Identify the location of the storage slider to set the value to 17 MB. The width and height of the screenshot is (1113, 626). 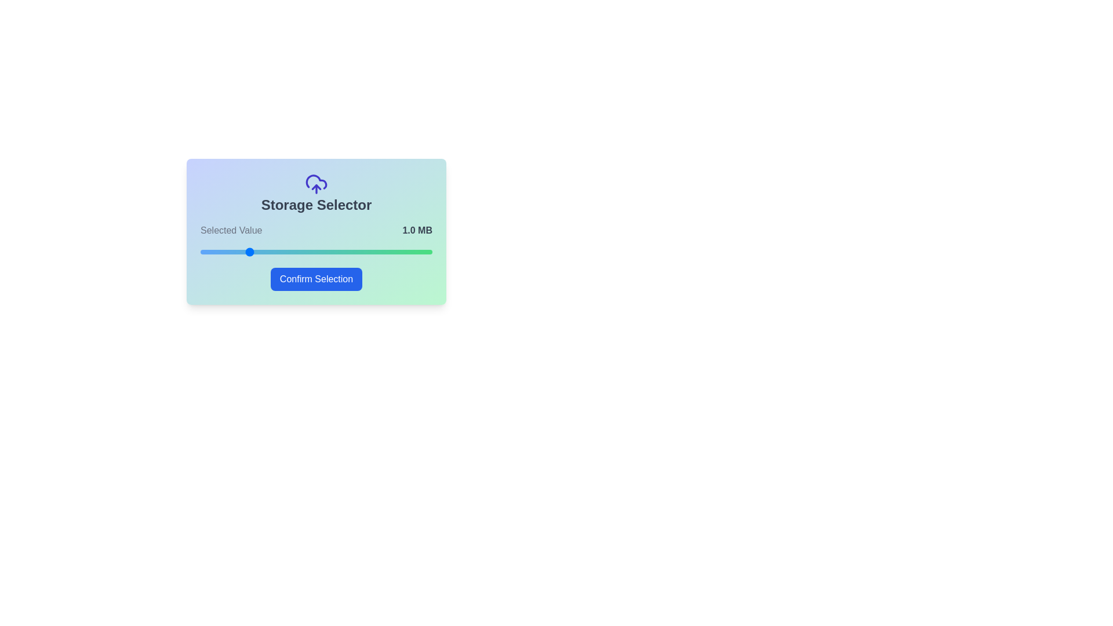
(311, 252).